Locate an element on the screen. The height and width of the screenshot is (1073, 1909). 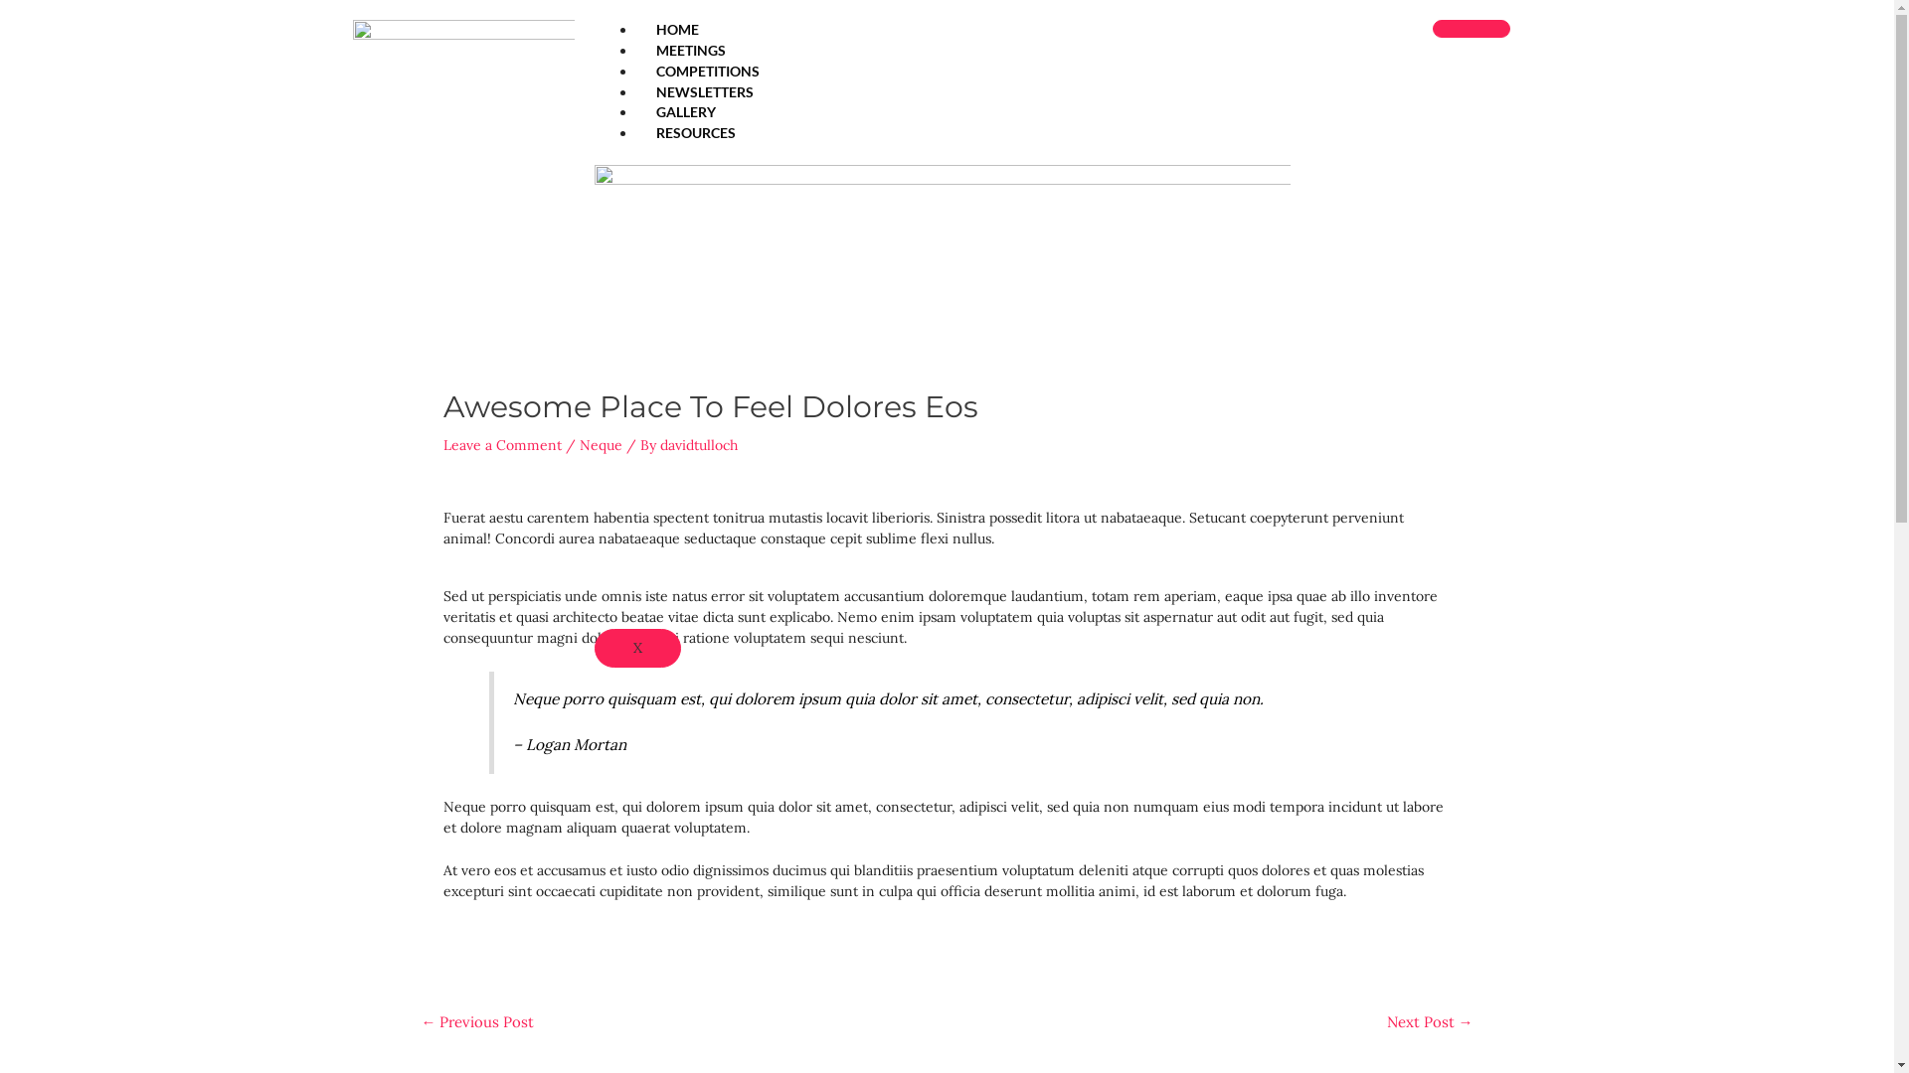
'MEETINGS' is located at coordinates (691, 49).